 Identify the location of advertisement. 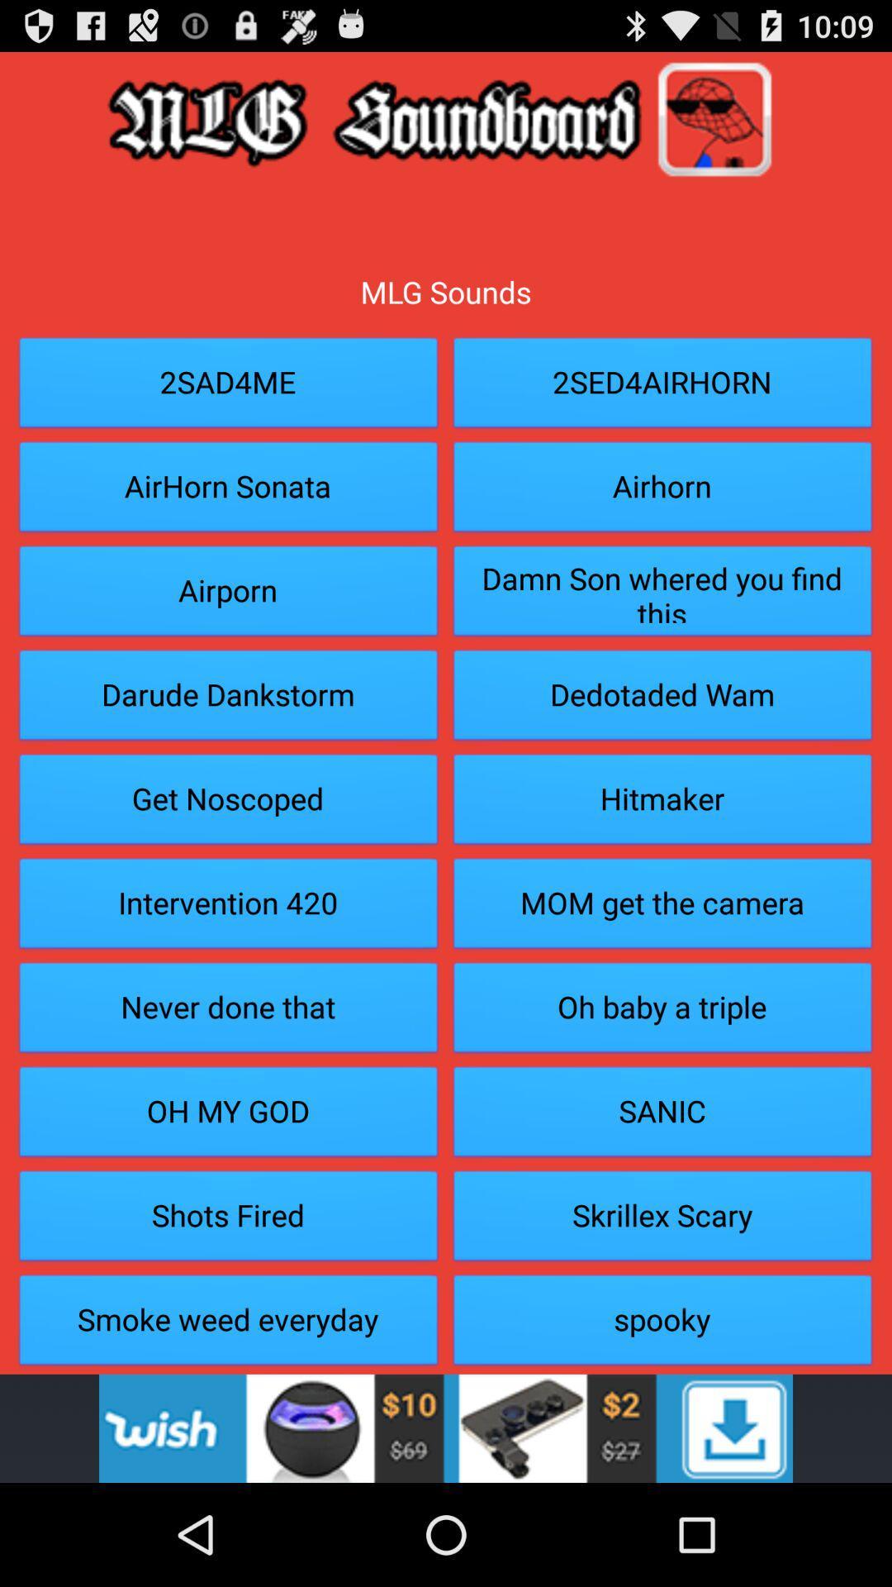
(446, 1427).